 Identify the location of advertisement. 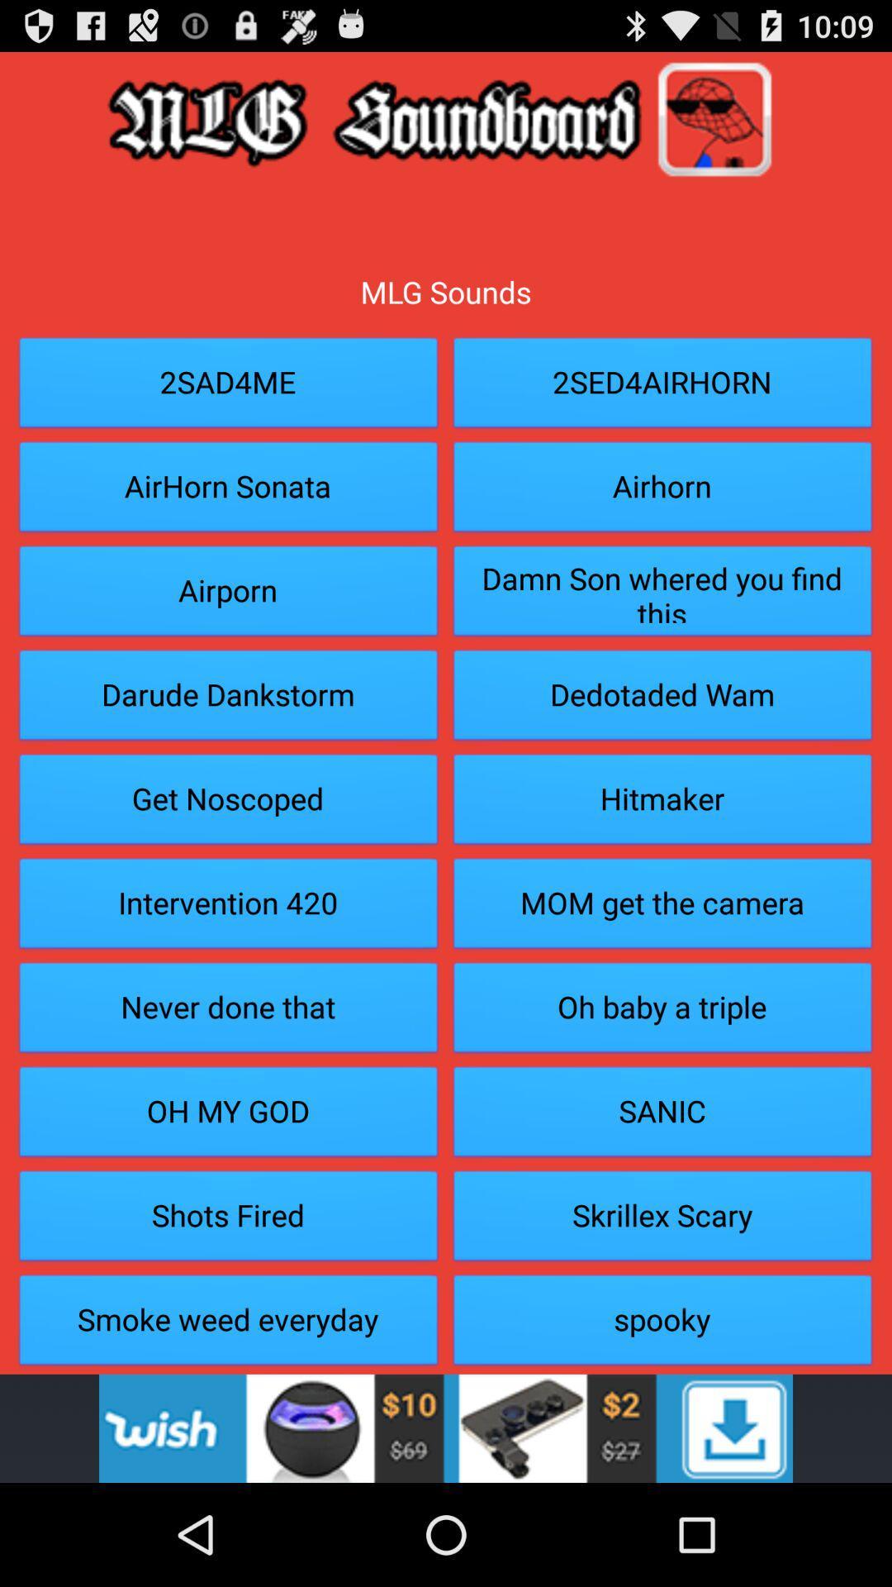
(446, 1427).